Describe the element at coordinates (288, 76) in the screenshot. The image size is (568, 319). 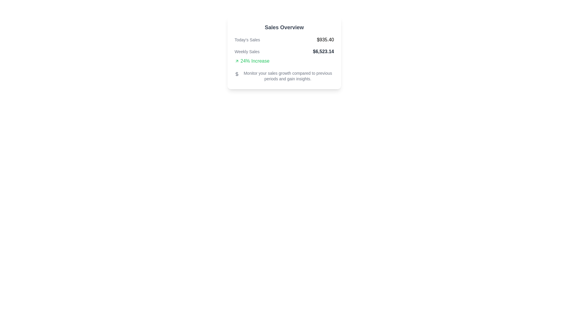
I see `the descriptive text element located within the 'Sales Overview' card, which provides insights and is positioned below a dollar symbol icon` at that location.